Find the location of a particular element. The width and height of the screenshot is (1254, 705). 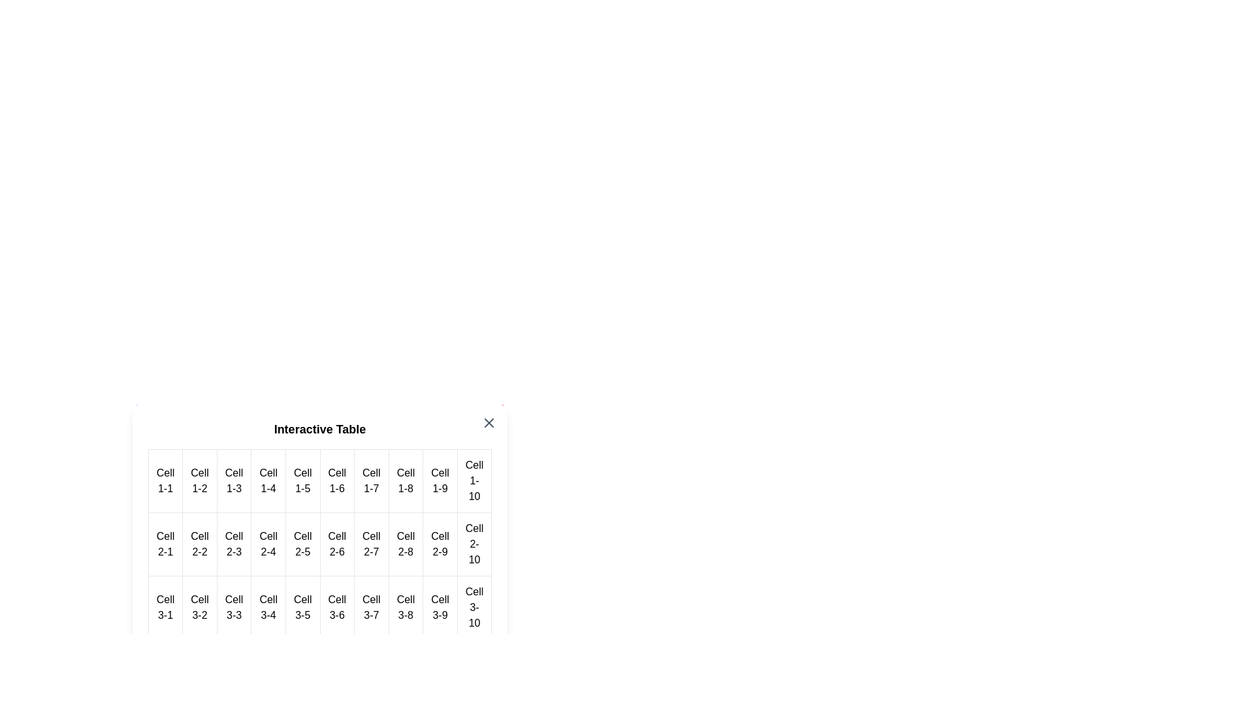

the close button to hide the dialog is located at coordinates (489, 423).